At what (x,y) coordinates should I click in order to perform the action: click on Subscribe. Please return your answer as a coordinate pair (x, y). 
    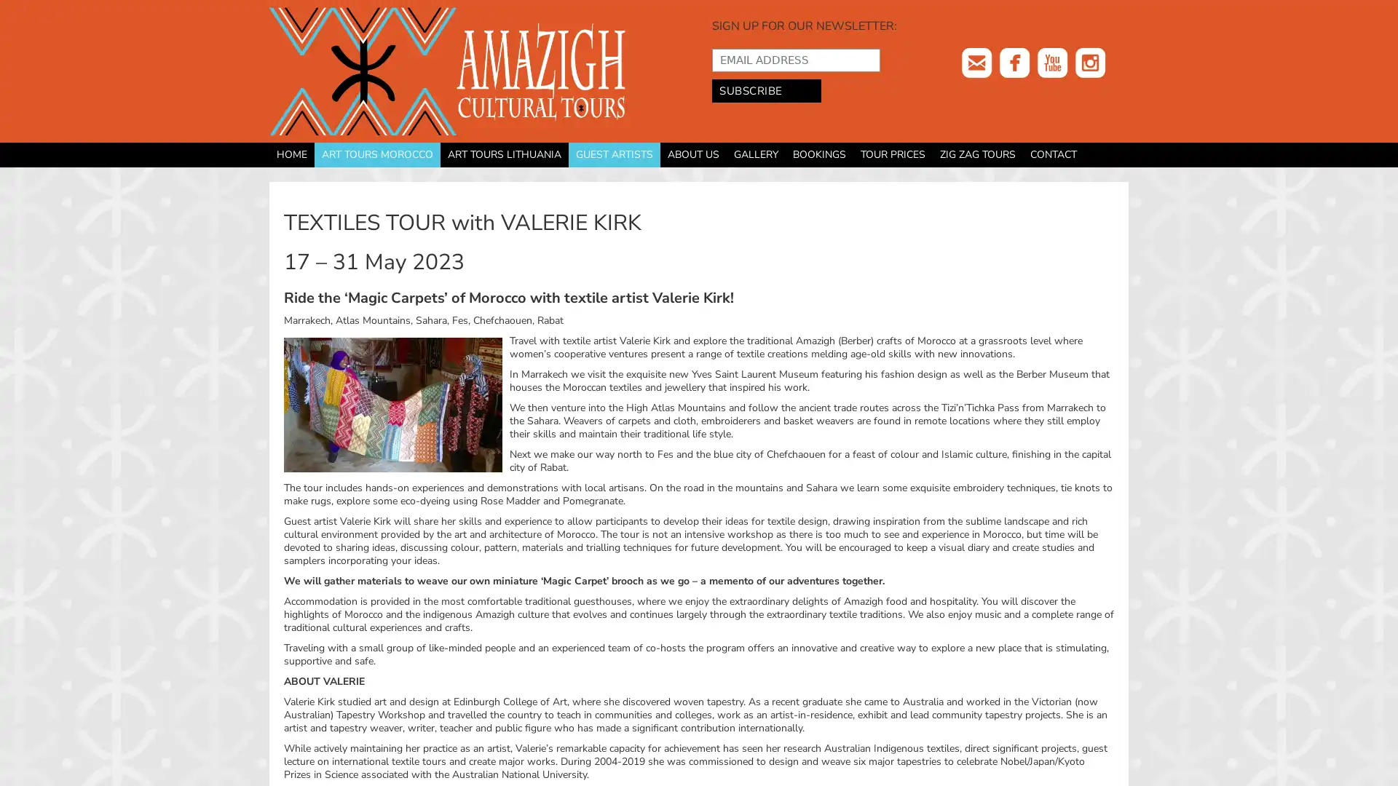
    Looking at the image, I should click on (765, 90).